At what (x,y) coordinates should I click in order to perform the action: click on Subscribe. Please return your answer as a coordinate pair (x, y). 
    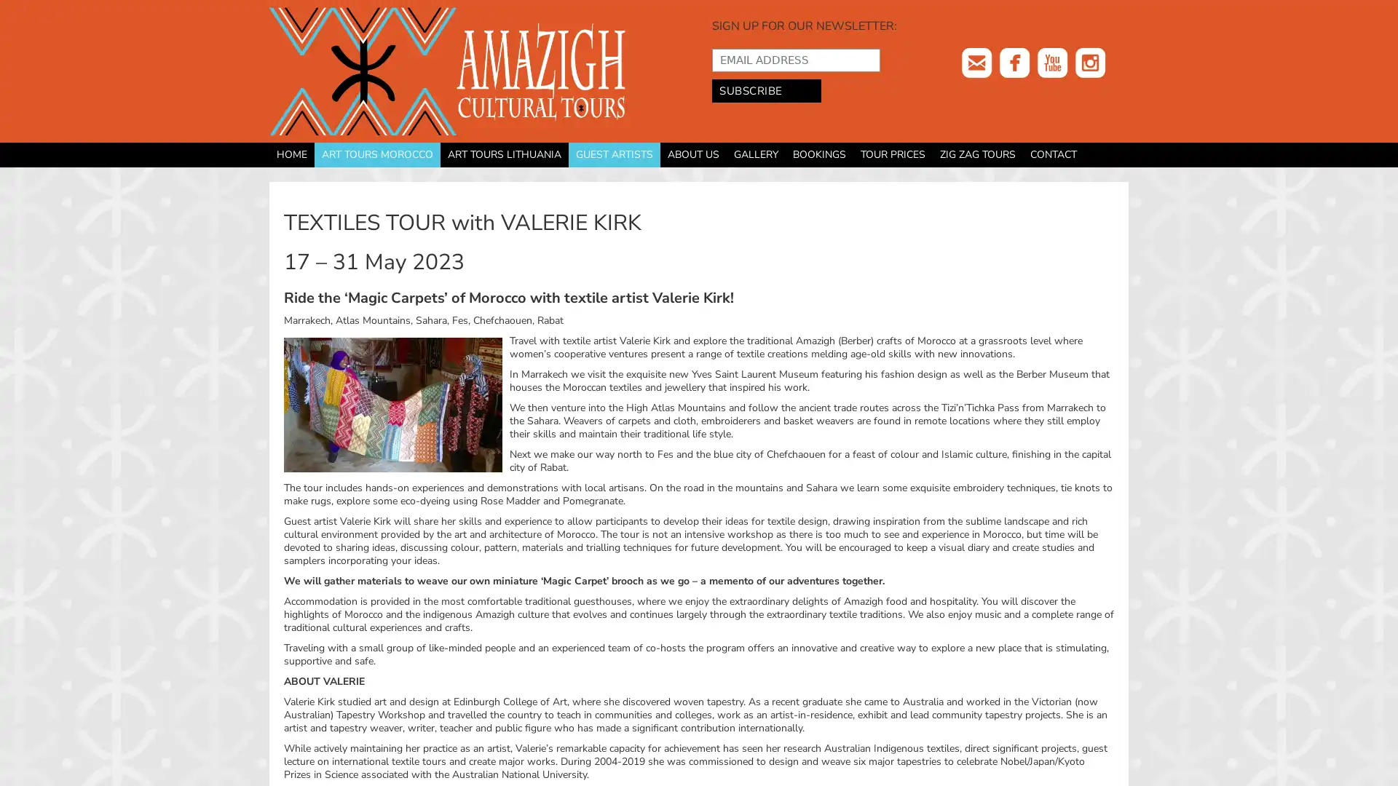
    Looking at the image, I should click on (765, 90).